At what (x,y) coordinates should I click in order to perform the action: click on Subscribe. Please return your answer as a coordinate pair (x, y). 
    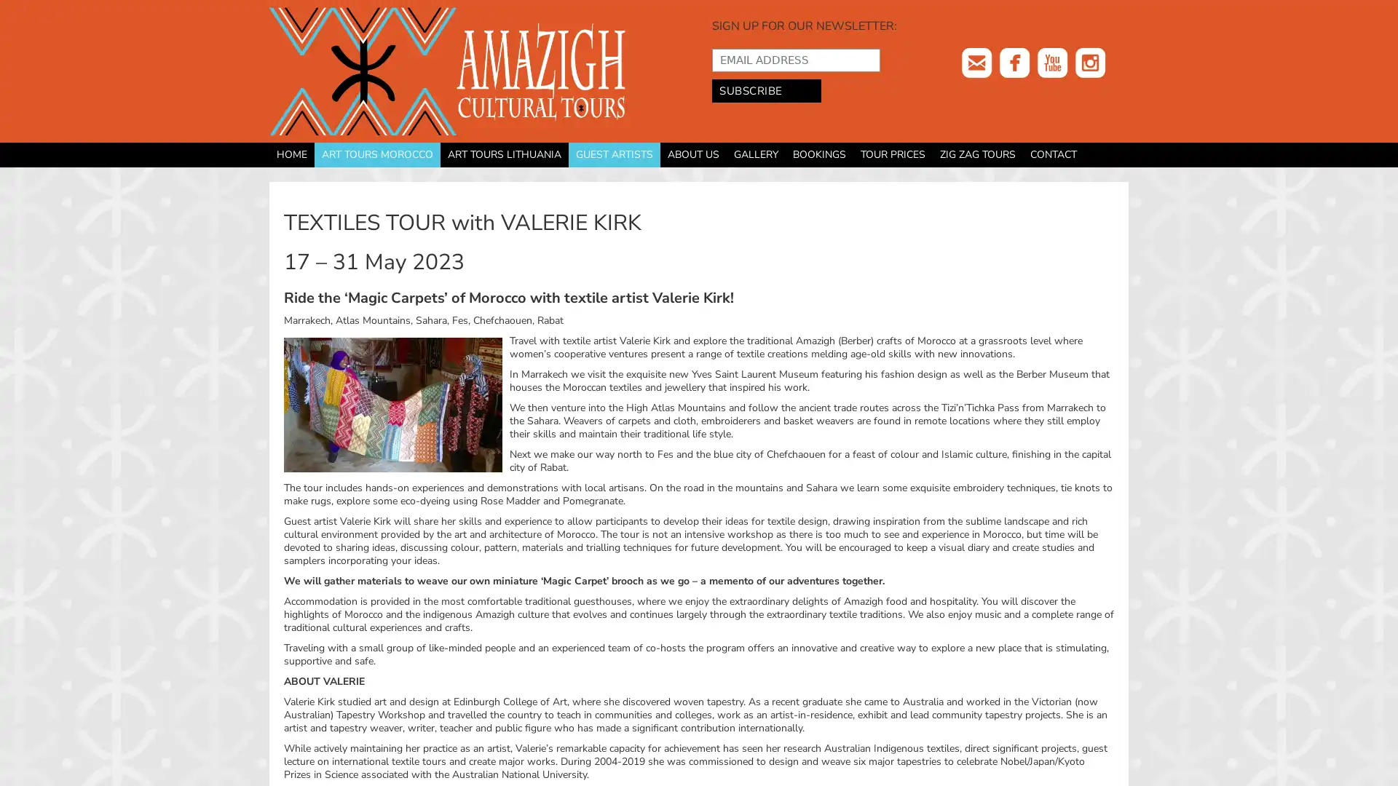
    Looking at the image, I should click on (765, 90).